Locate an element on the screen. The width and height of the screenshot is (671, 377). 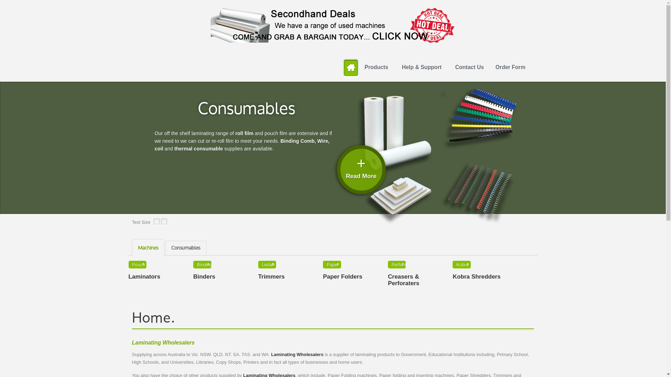
'Contact Us' is located at coordinates (450, 67).